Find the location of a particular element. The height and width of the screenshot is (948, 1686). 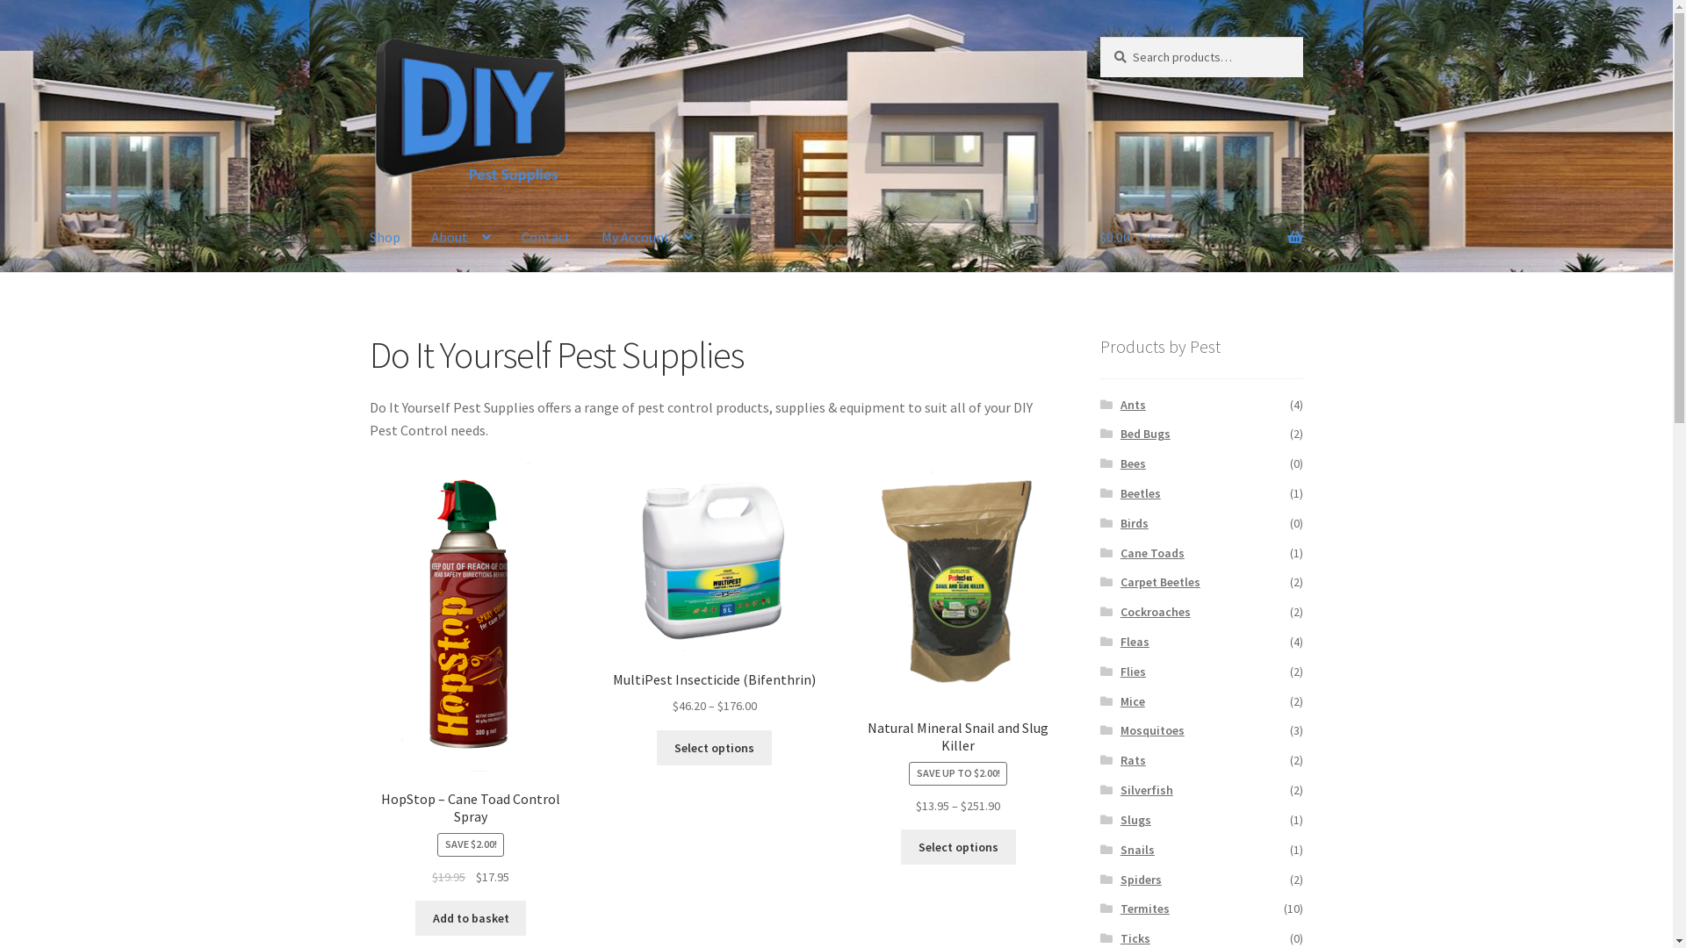

'Rats' is located at coordinates (1120, 759).